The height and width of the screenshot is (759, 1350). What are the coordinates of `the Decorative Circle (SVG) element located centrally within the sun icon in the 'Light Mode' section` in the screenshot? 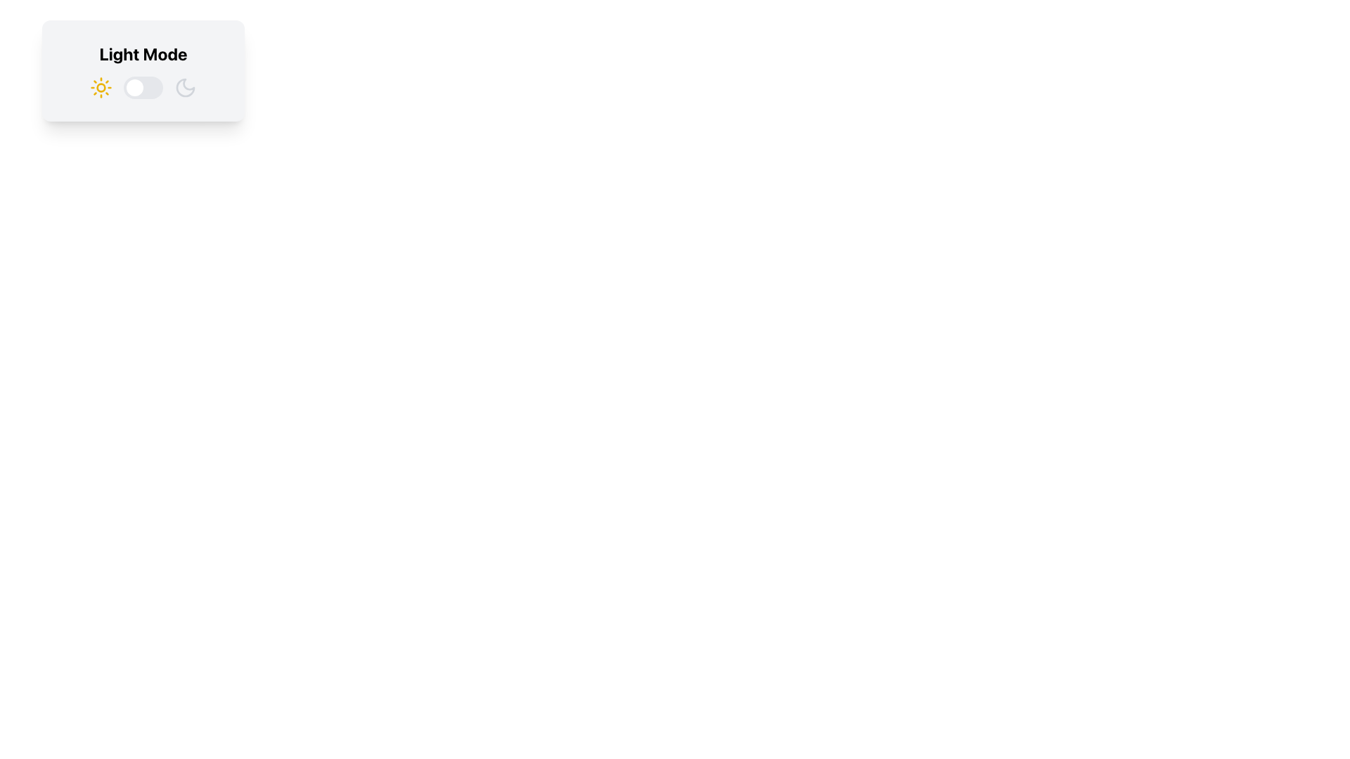 It's located at (101, 86).